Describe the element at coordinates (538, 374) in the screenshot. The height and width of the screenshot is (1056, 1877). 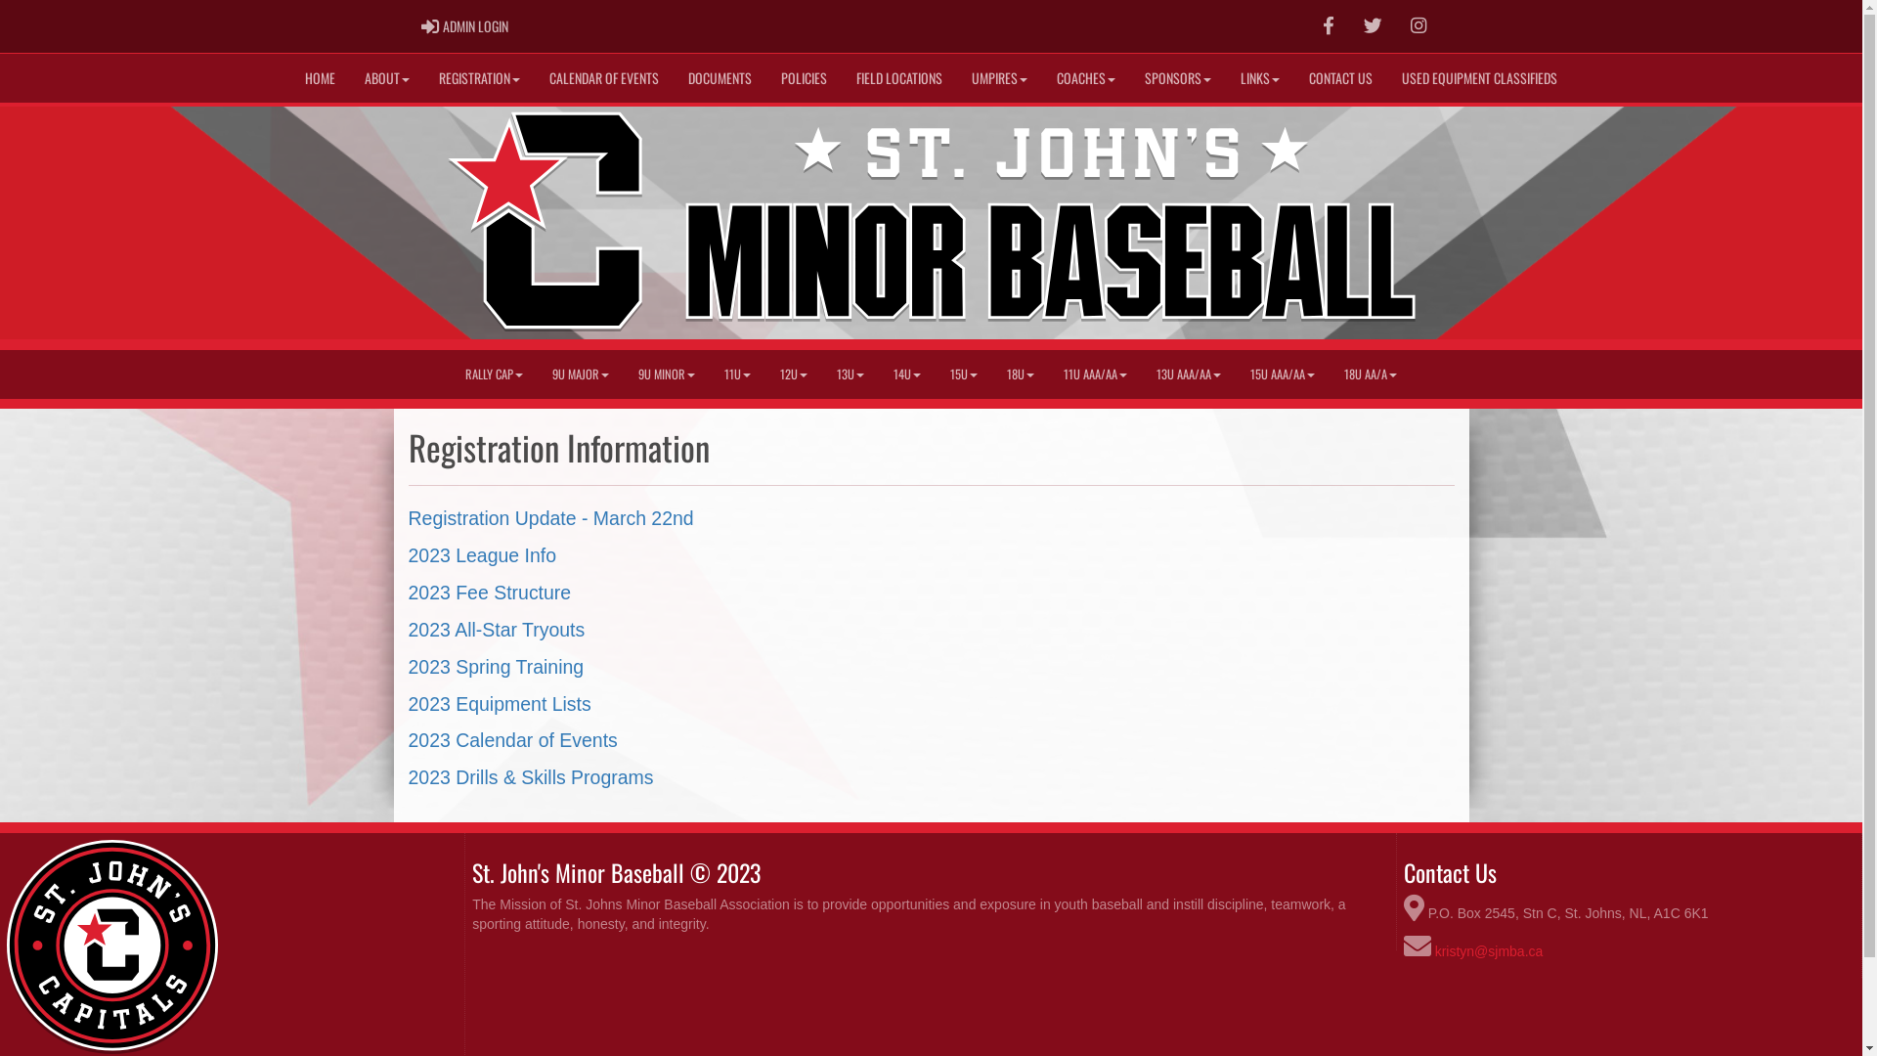
I see `'9U MAJOR'` at that location.